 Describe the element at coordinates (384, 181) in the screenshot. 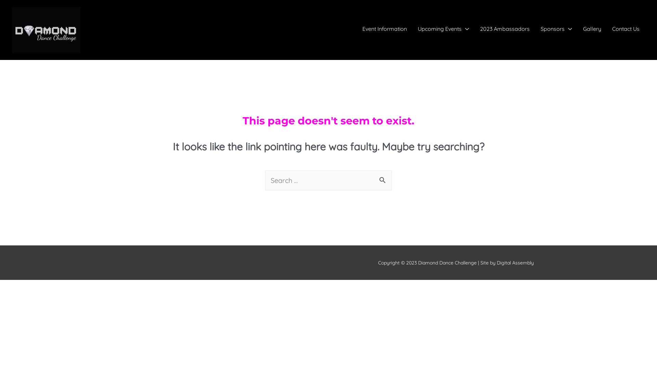

I see `'Search'` at that location.